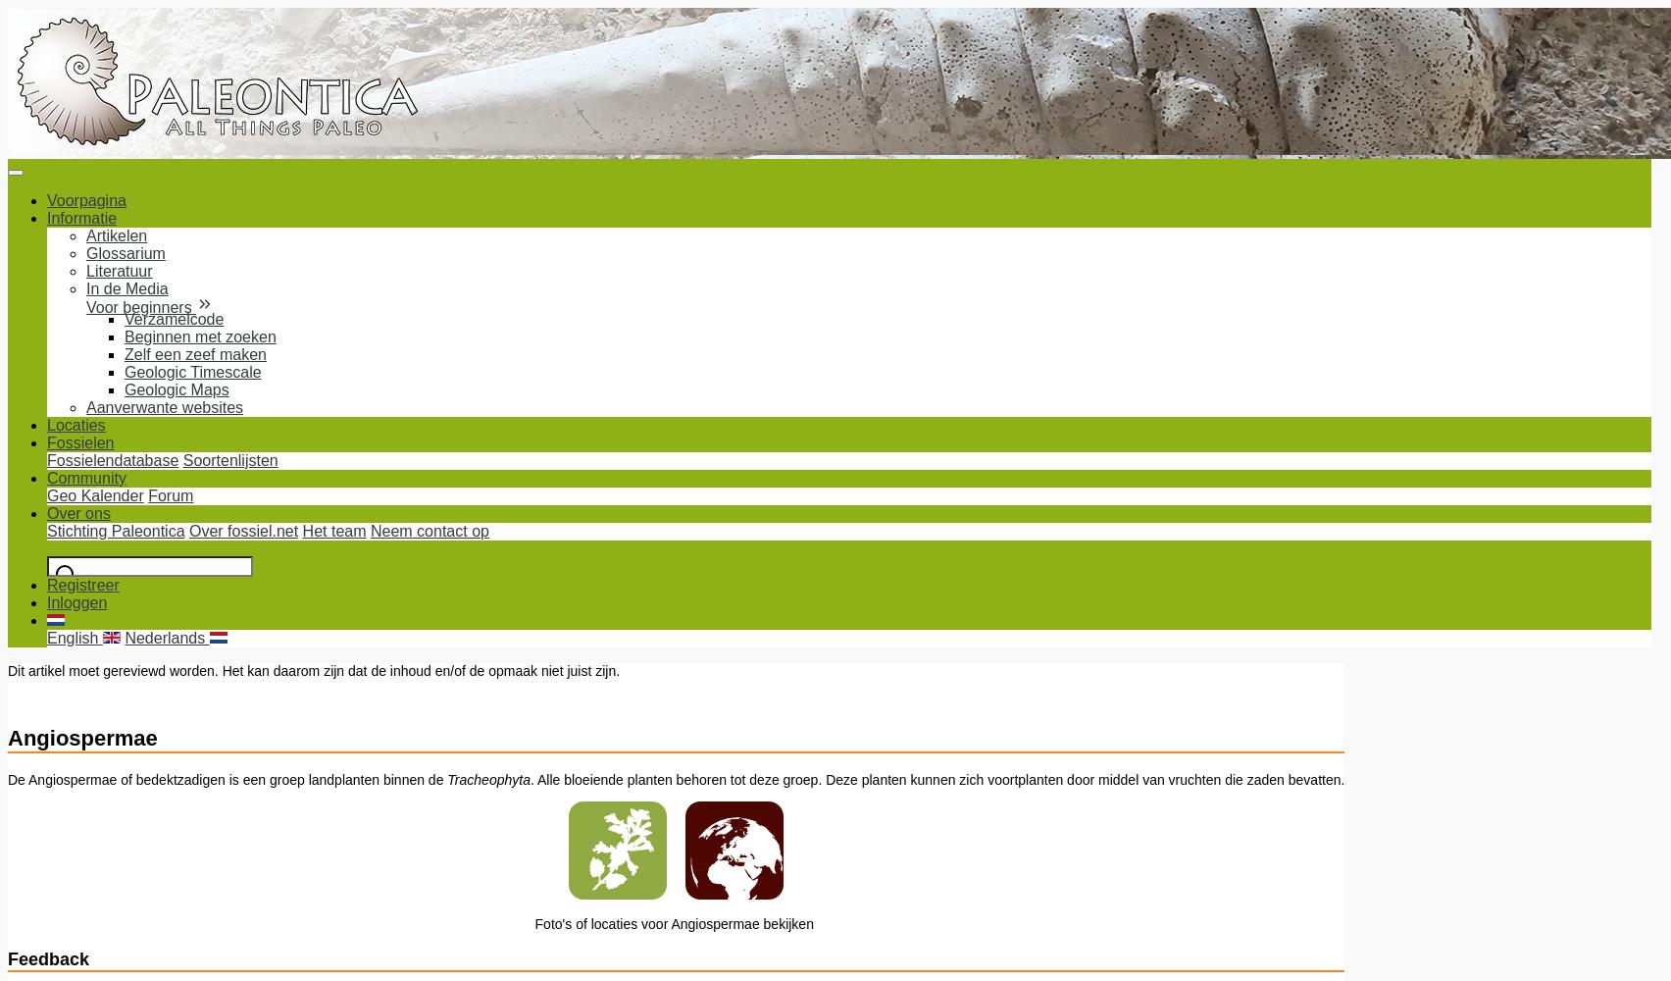 The width and height of the screenshot is (1671, 981). What do you see at coordinates (113, 459) in the screenshot?
I see `'Fossielendatabase'` at bounding box center [113, 459].